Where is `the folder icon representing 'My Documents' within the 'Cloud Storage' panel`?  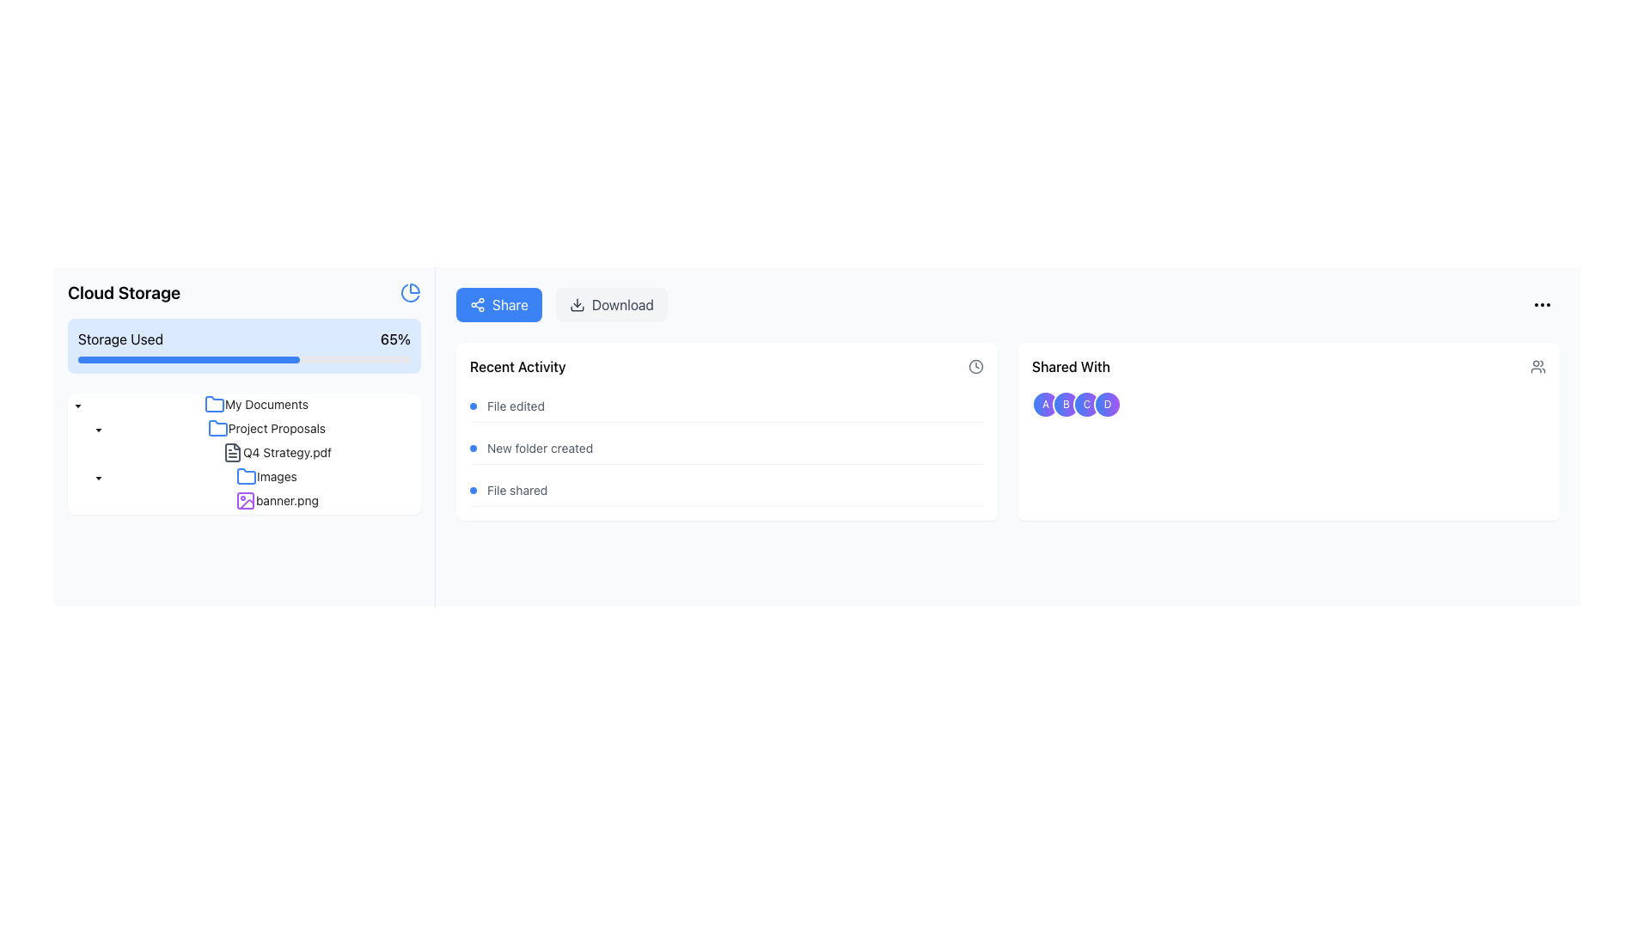
the folder icon representing 'My Documents' within the 'Cloud Storage' panel is located at coordinates (213, 404).